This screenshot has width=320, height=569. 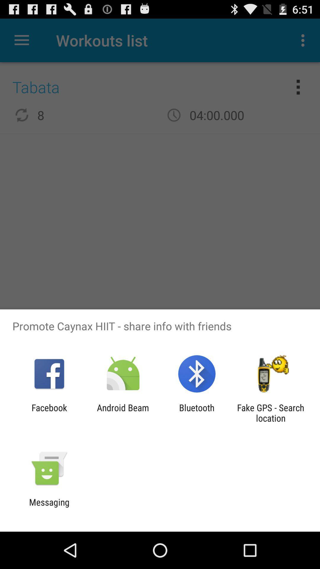 I want to click on android beam icon, so click(x=123, y=413).